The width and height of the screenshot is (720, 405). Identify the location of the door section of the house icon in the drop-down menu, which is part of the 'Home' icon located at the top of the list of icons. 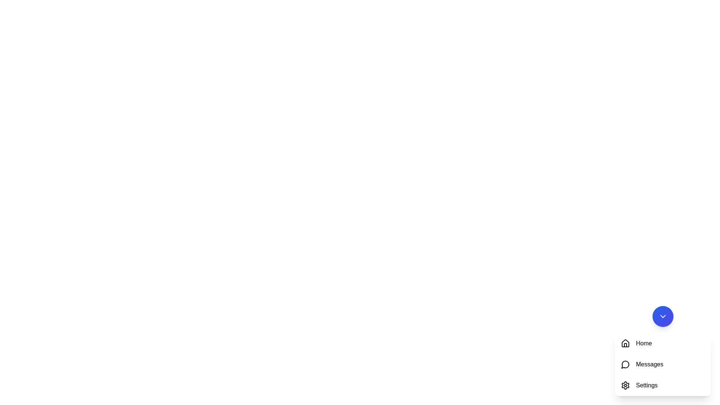
(625, 345).